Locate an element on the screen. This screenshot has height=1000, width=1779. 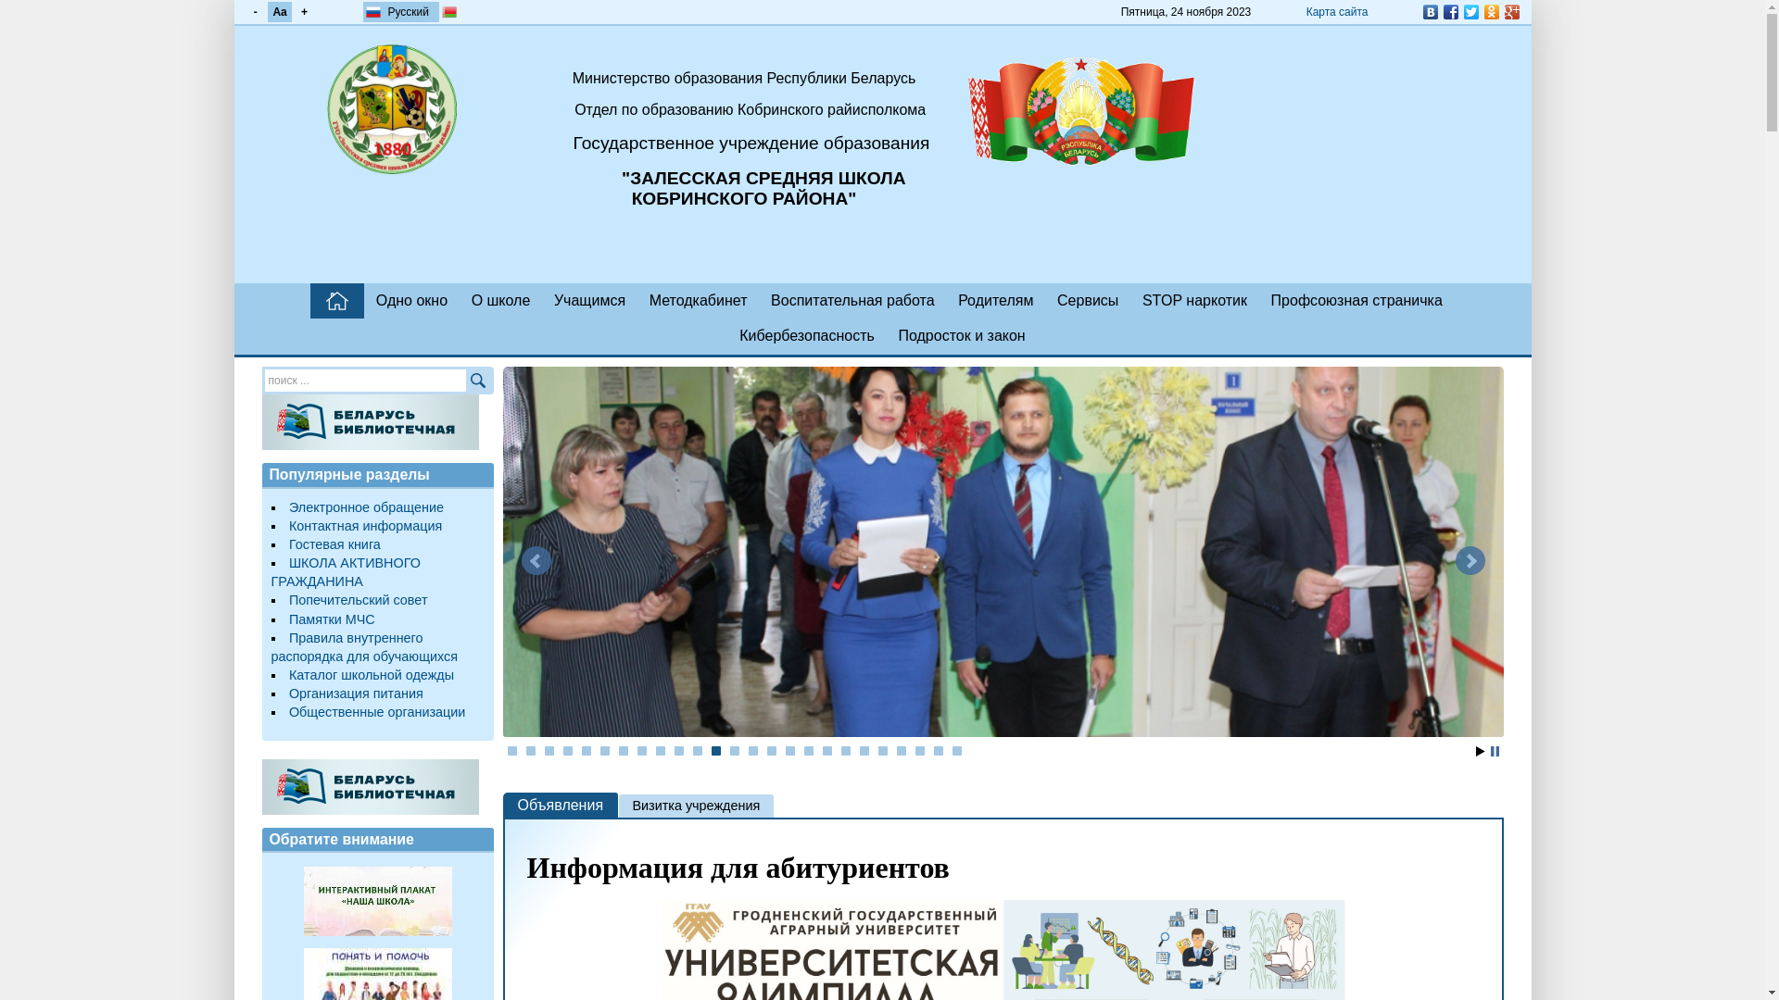
'15' is located at coordinates (767, 750).